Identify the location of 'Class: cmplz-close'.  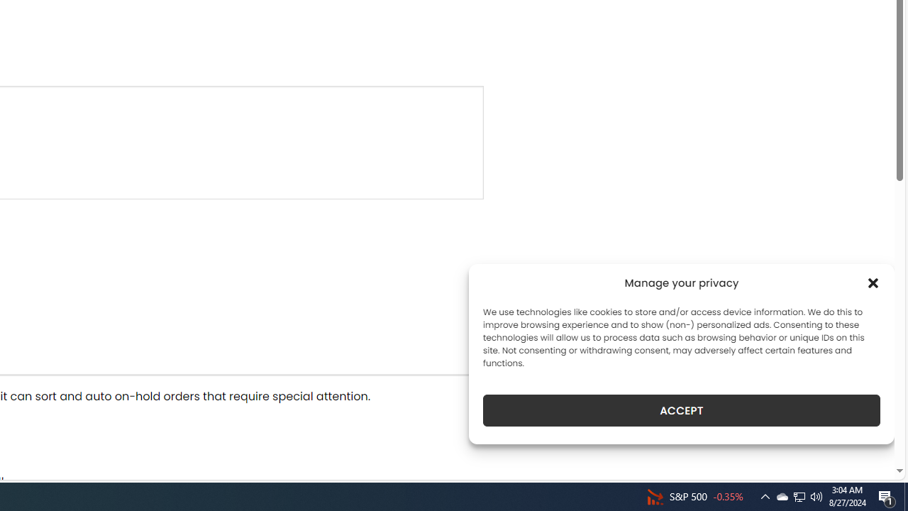
(873, 282).